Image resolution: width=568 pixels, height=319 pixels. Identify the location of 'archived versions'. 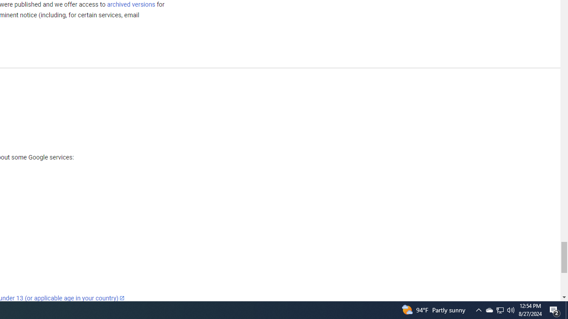
(130, 4).